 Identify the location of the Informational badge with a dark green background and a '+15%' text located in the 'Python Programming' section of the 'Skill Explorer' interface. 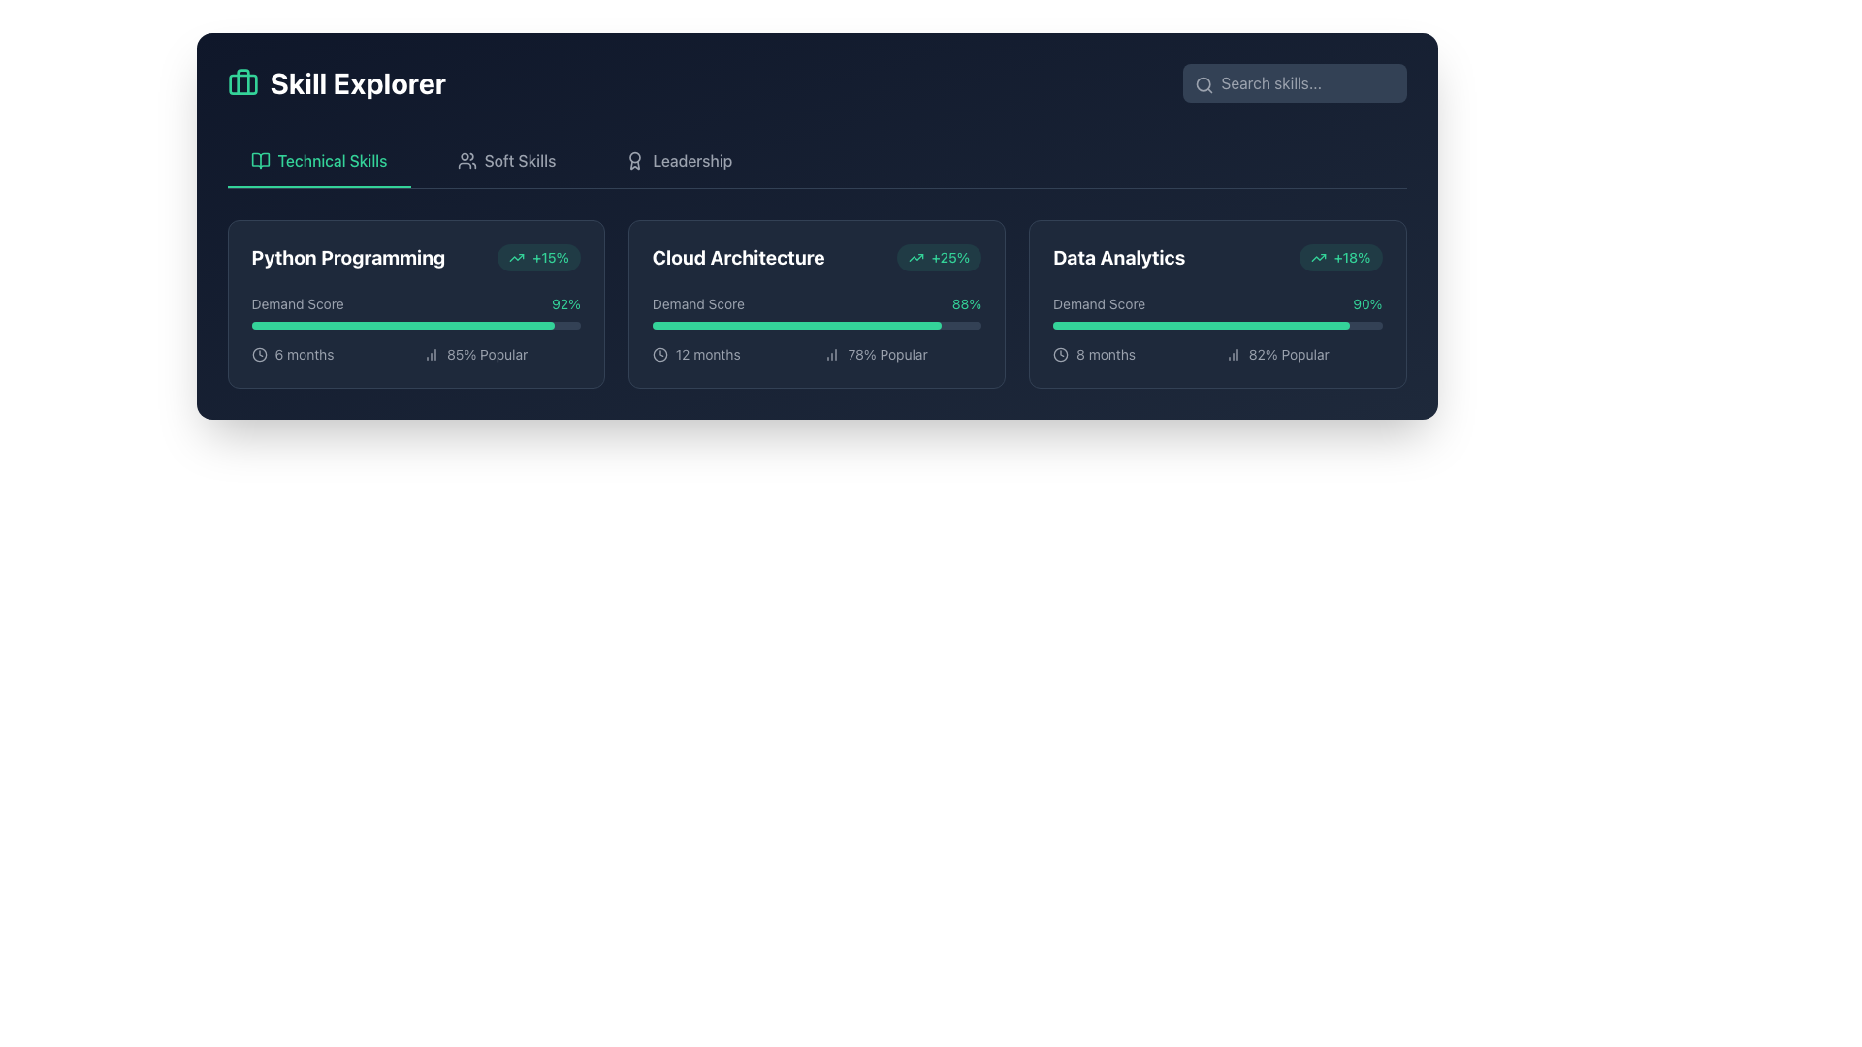
(539, 257).